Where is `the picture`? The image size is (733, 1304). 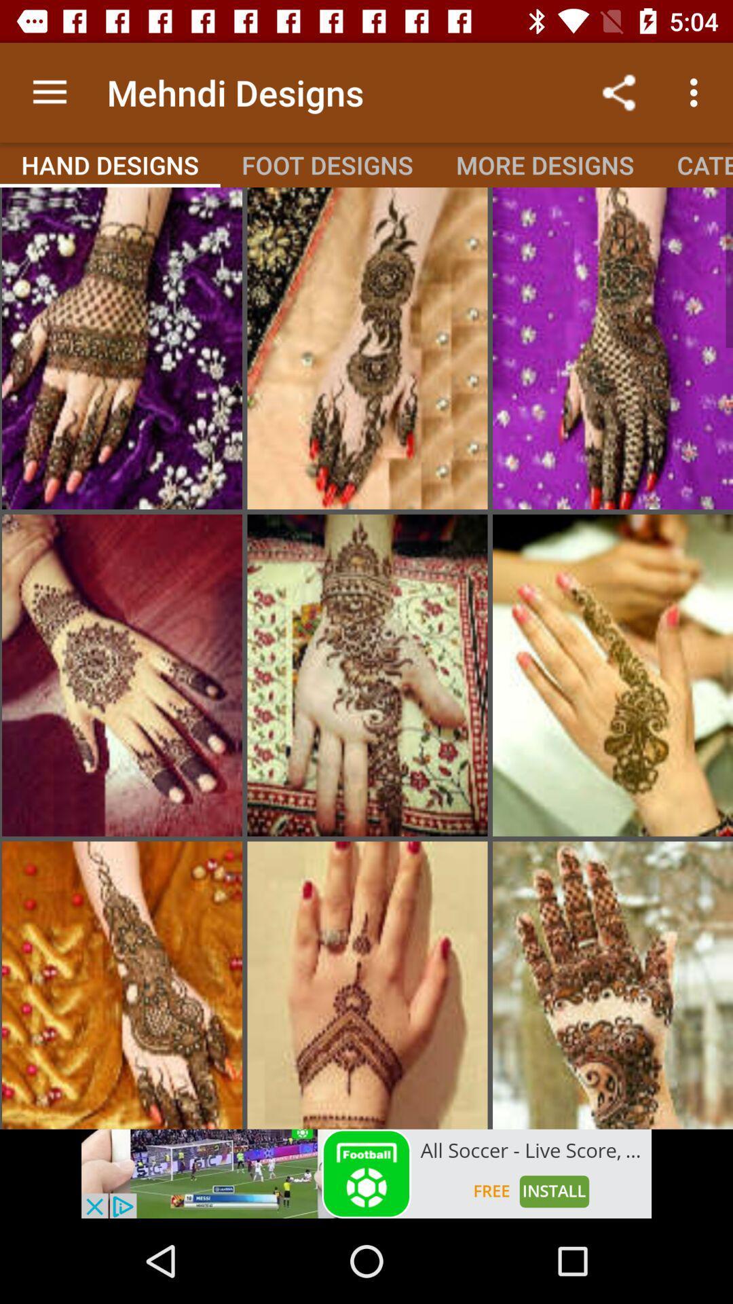
the picture is located at coordinates (612, 675).